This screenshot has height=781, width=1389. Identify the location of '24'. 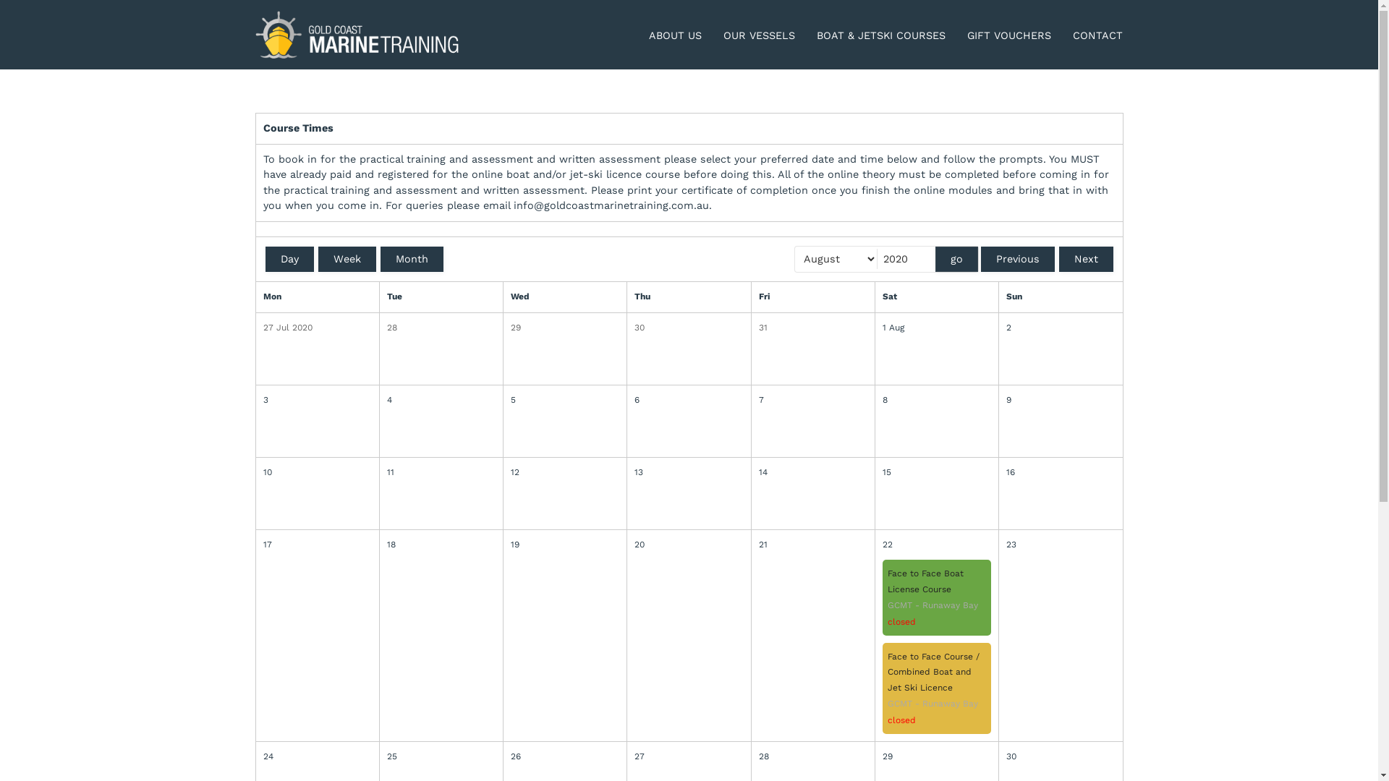
(263, 756).